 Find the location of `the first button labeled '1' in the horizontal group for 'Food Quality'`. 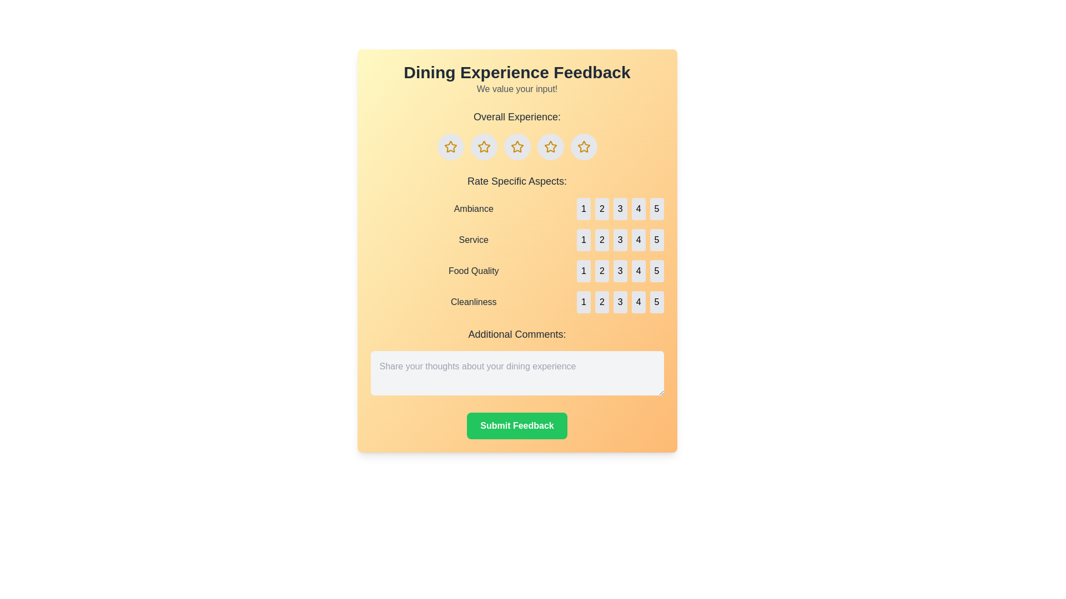

the first button labeled '1' in the horizontal group for 'Food Quality' is located at coordinates (583, 271).